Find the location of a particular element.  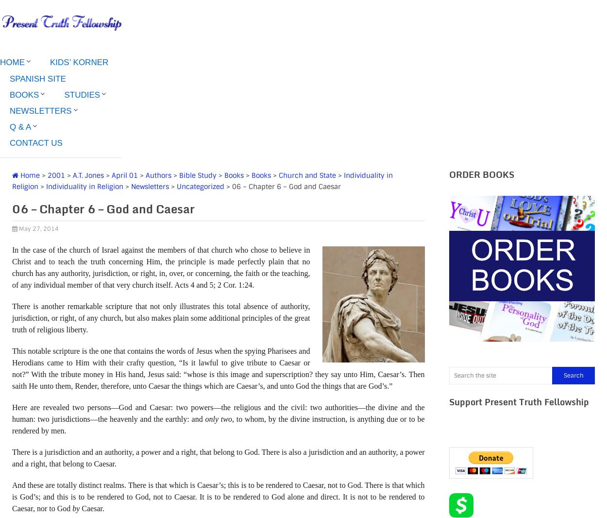

'In the case of the church of Israel against the members of that church who chose to believe in Christ and to teach the truth concerning Him, the principle is made perfectly plain that no church has any authority, jurisdiction, or right, in, over, or concerning, the faith or the teaching, of any individual member of that very church itself. Acts 4 and 5; 2 Cor. 1:24.' is located at coordinates (160, 266).